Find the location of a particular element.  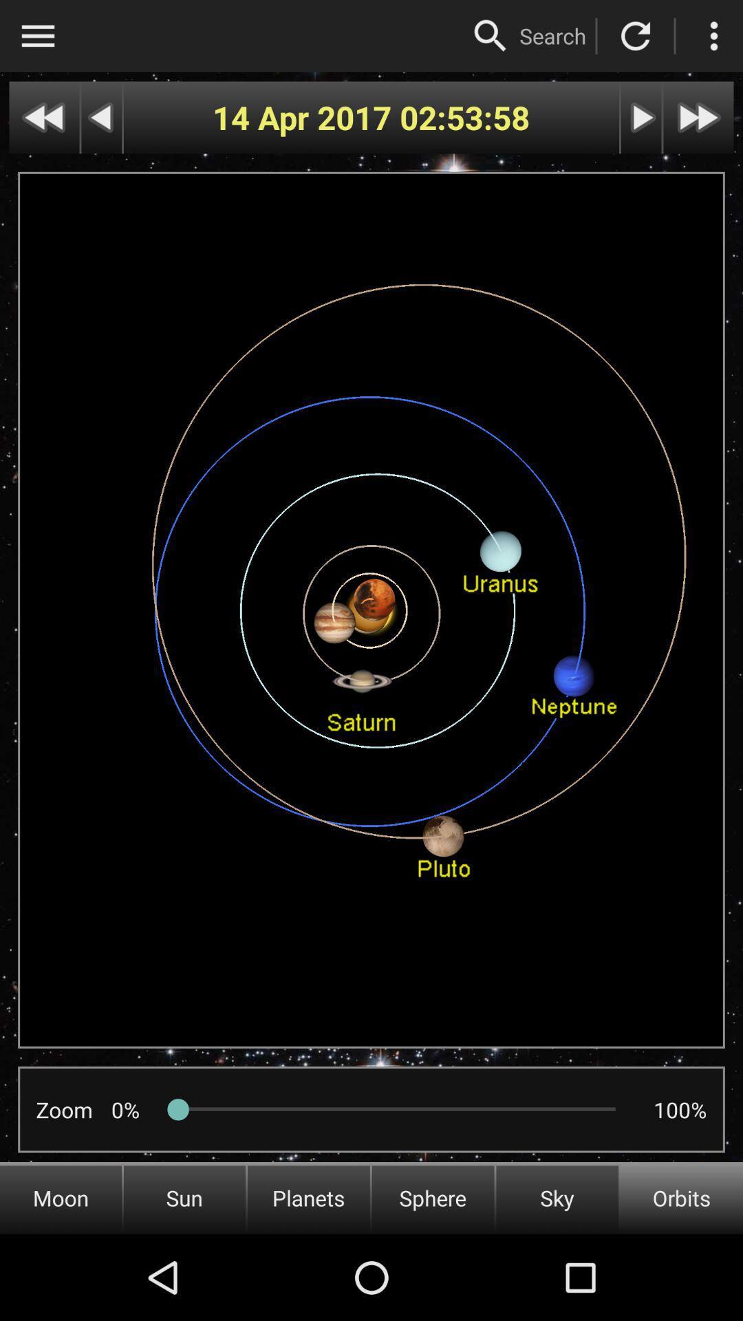

advance one month is located at coordinates (698, 118).